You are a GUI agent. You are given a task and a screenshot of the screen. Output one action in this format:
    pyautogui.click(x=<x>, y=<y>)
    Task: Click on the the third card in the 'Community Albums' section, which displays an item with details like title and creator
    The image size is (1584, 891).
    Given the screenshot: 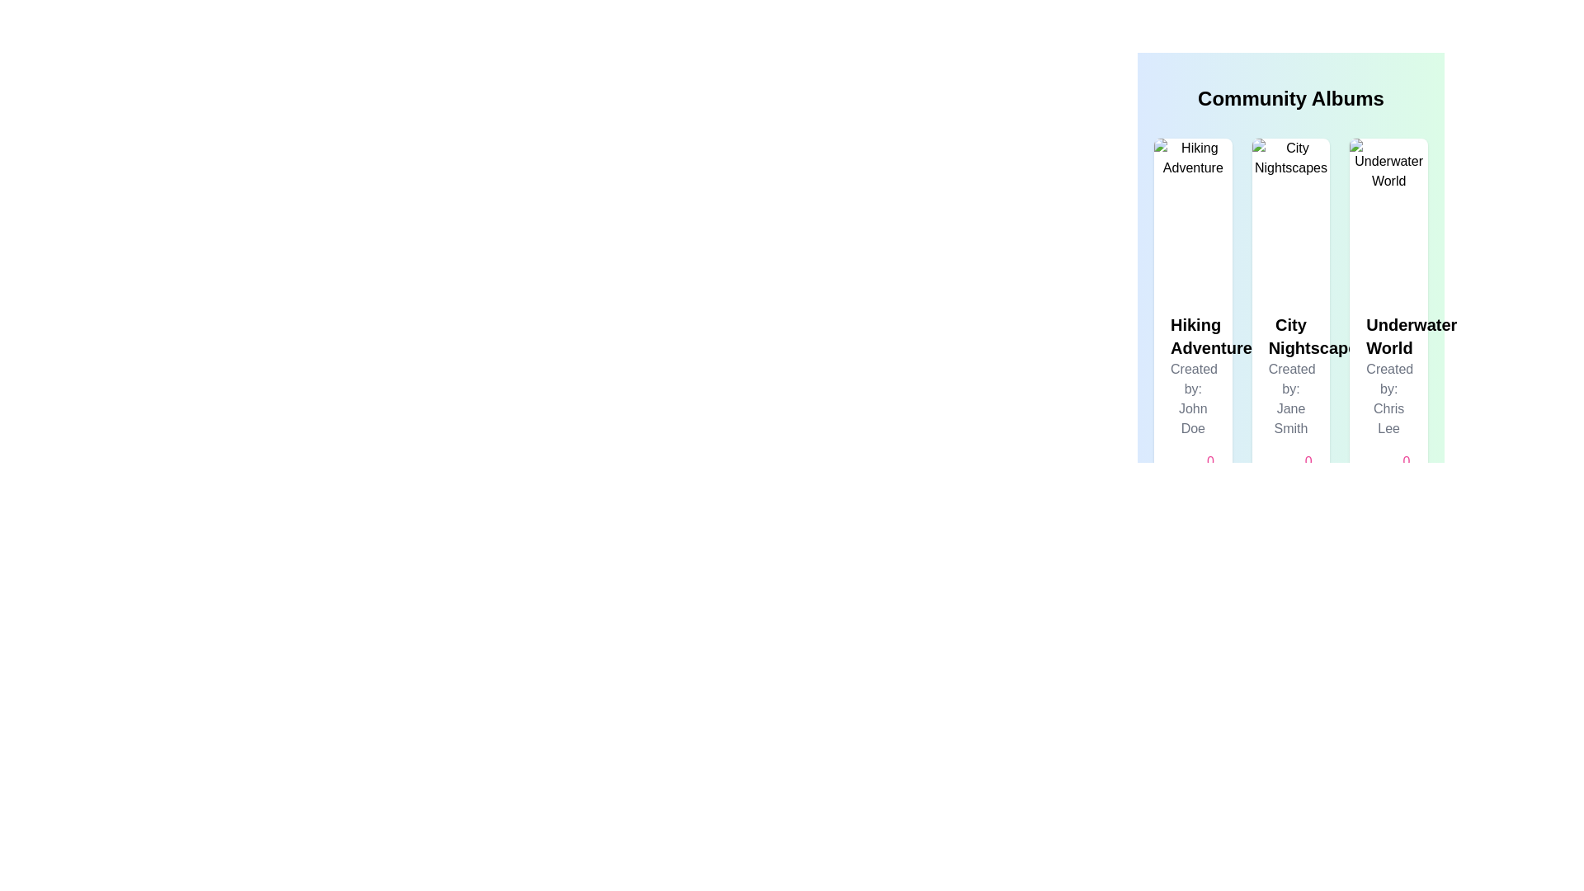 What is the action you would take?
    pyautogui.click(x=1388, y=323)
    